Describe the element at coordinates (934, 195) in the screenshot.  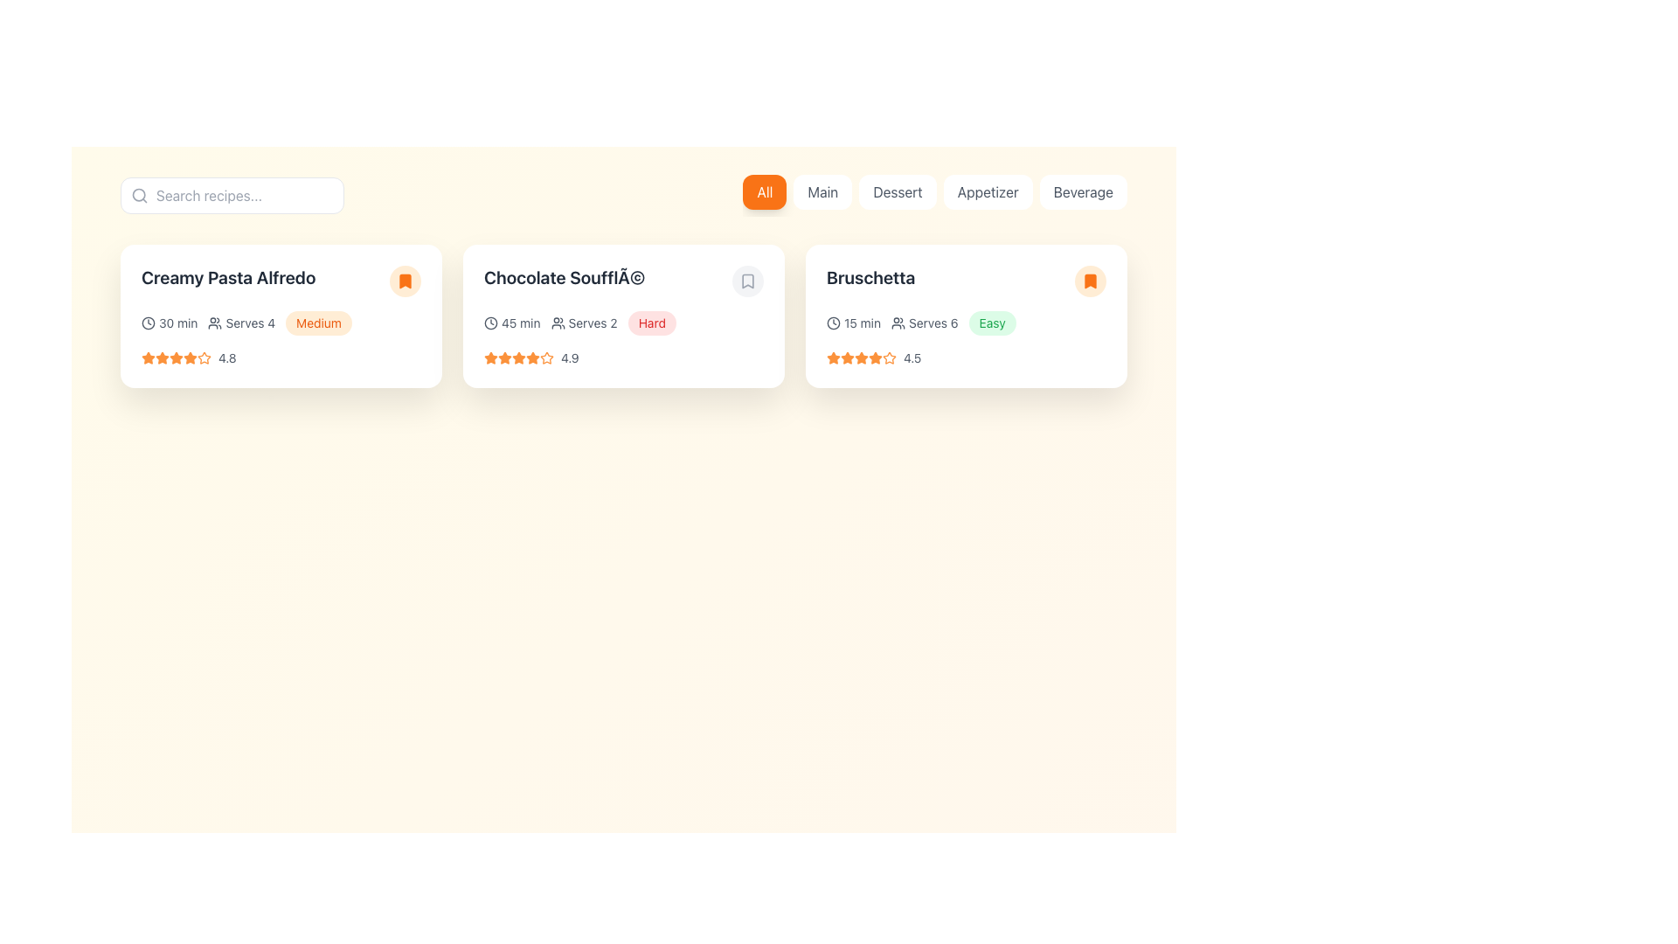
I see `the 'Dessert' tab within the navigation menu at the top-right of the interface, which contains tabs for filtering content such as 'All', 'Main', 'Dessert', 'Appetizer', and 'Beverage'` at that location.